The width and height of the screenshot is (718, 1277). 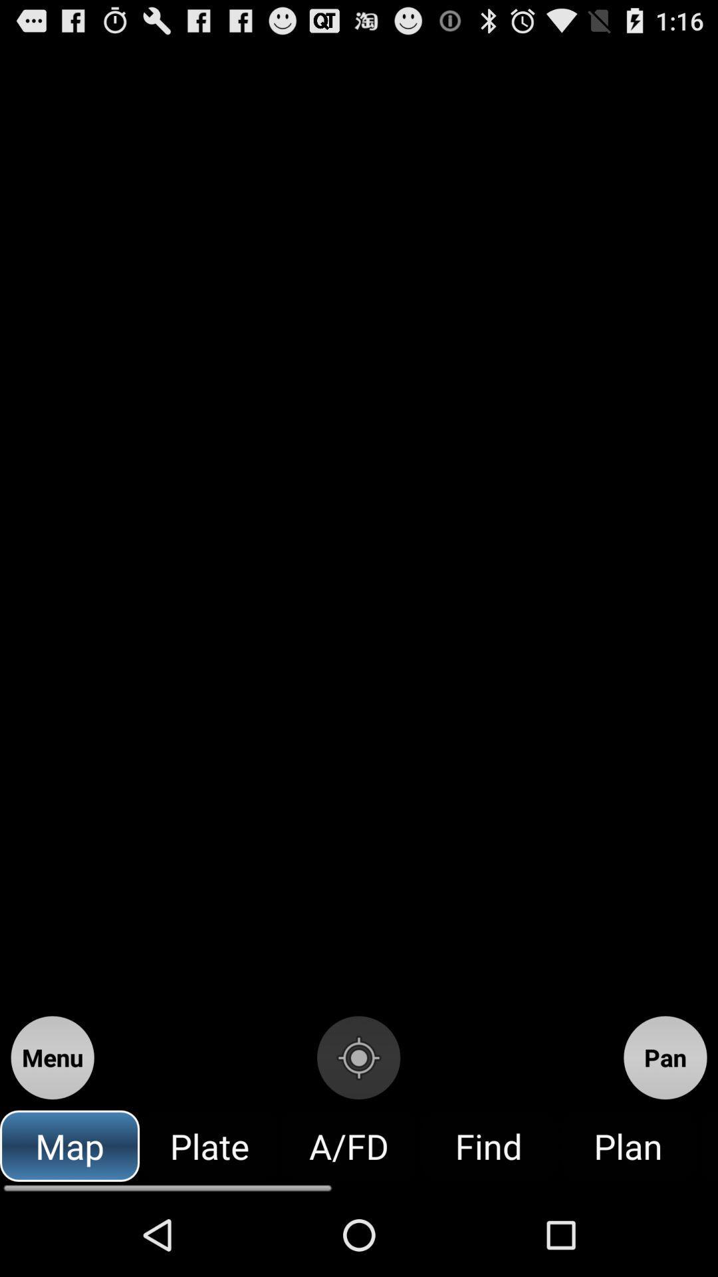 I want to click on the icon next to menu button, so click(x=358, y=1057).